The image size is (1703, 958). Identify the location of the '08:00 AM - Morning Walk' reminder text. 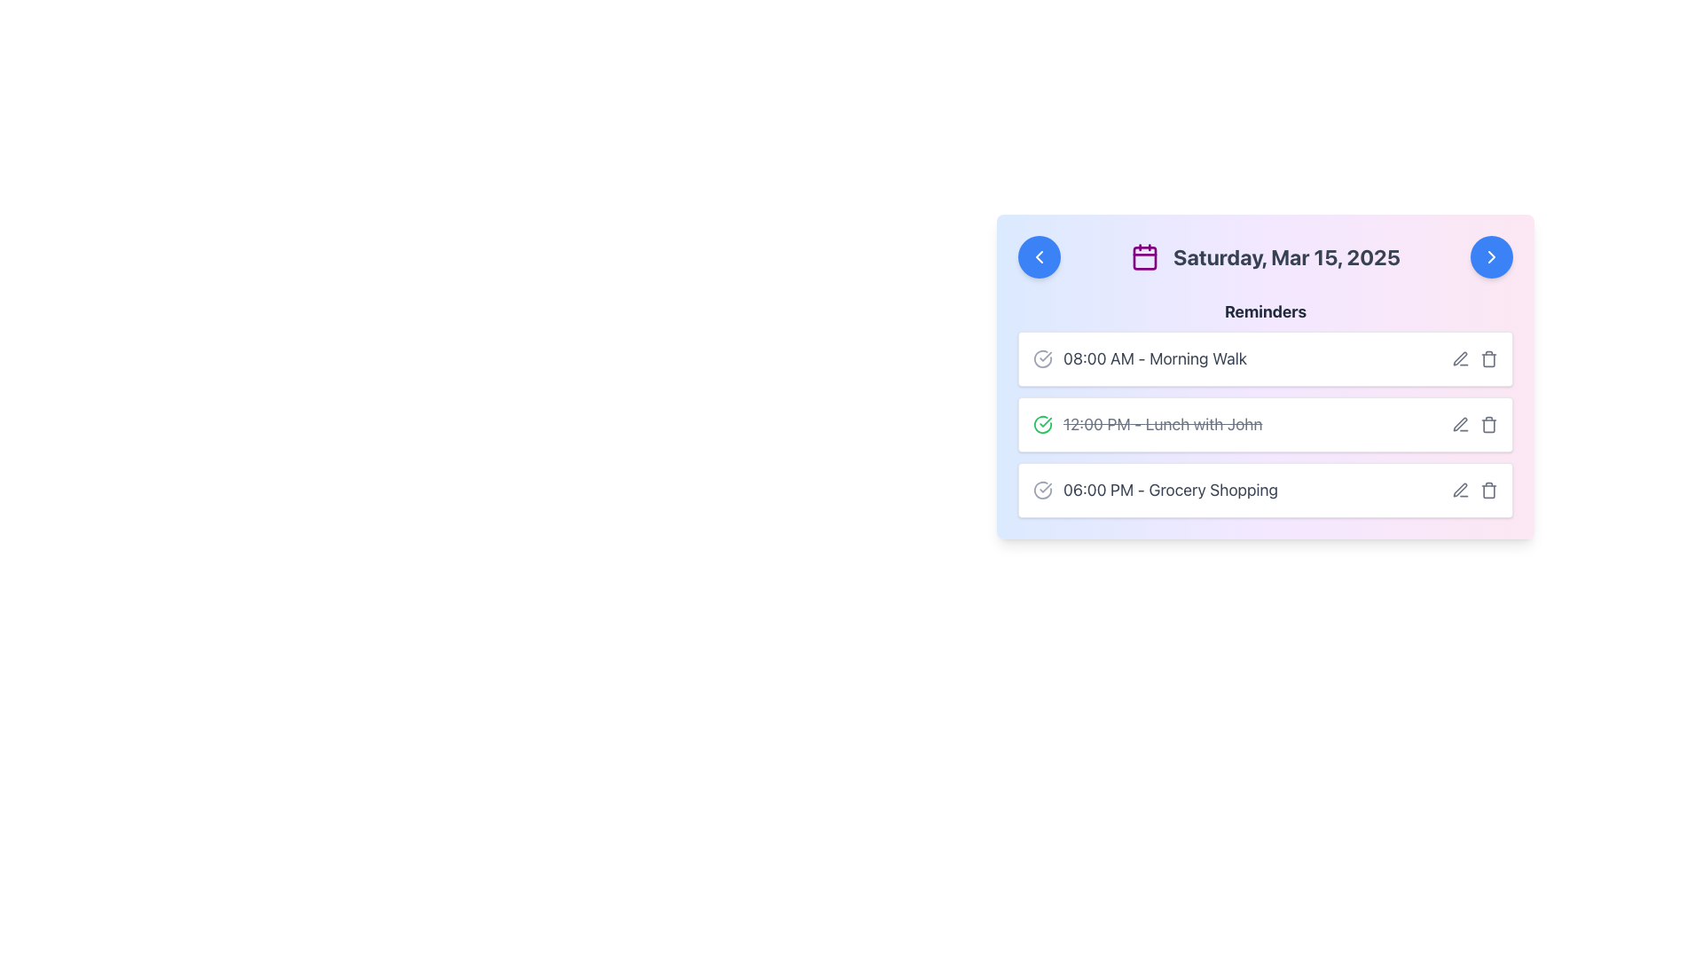
(1140, 359).